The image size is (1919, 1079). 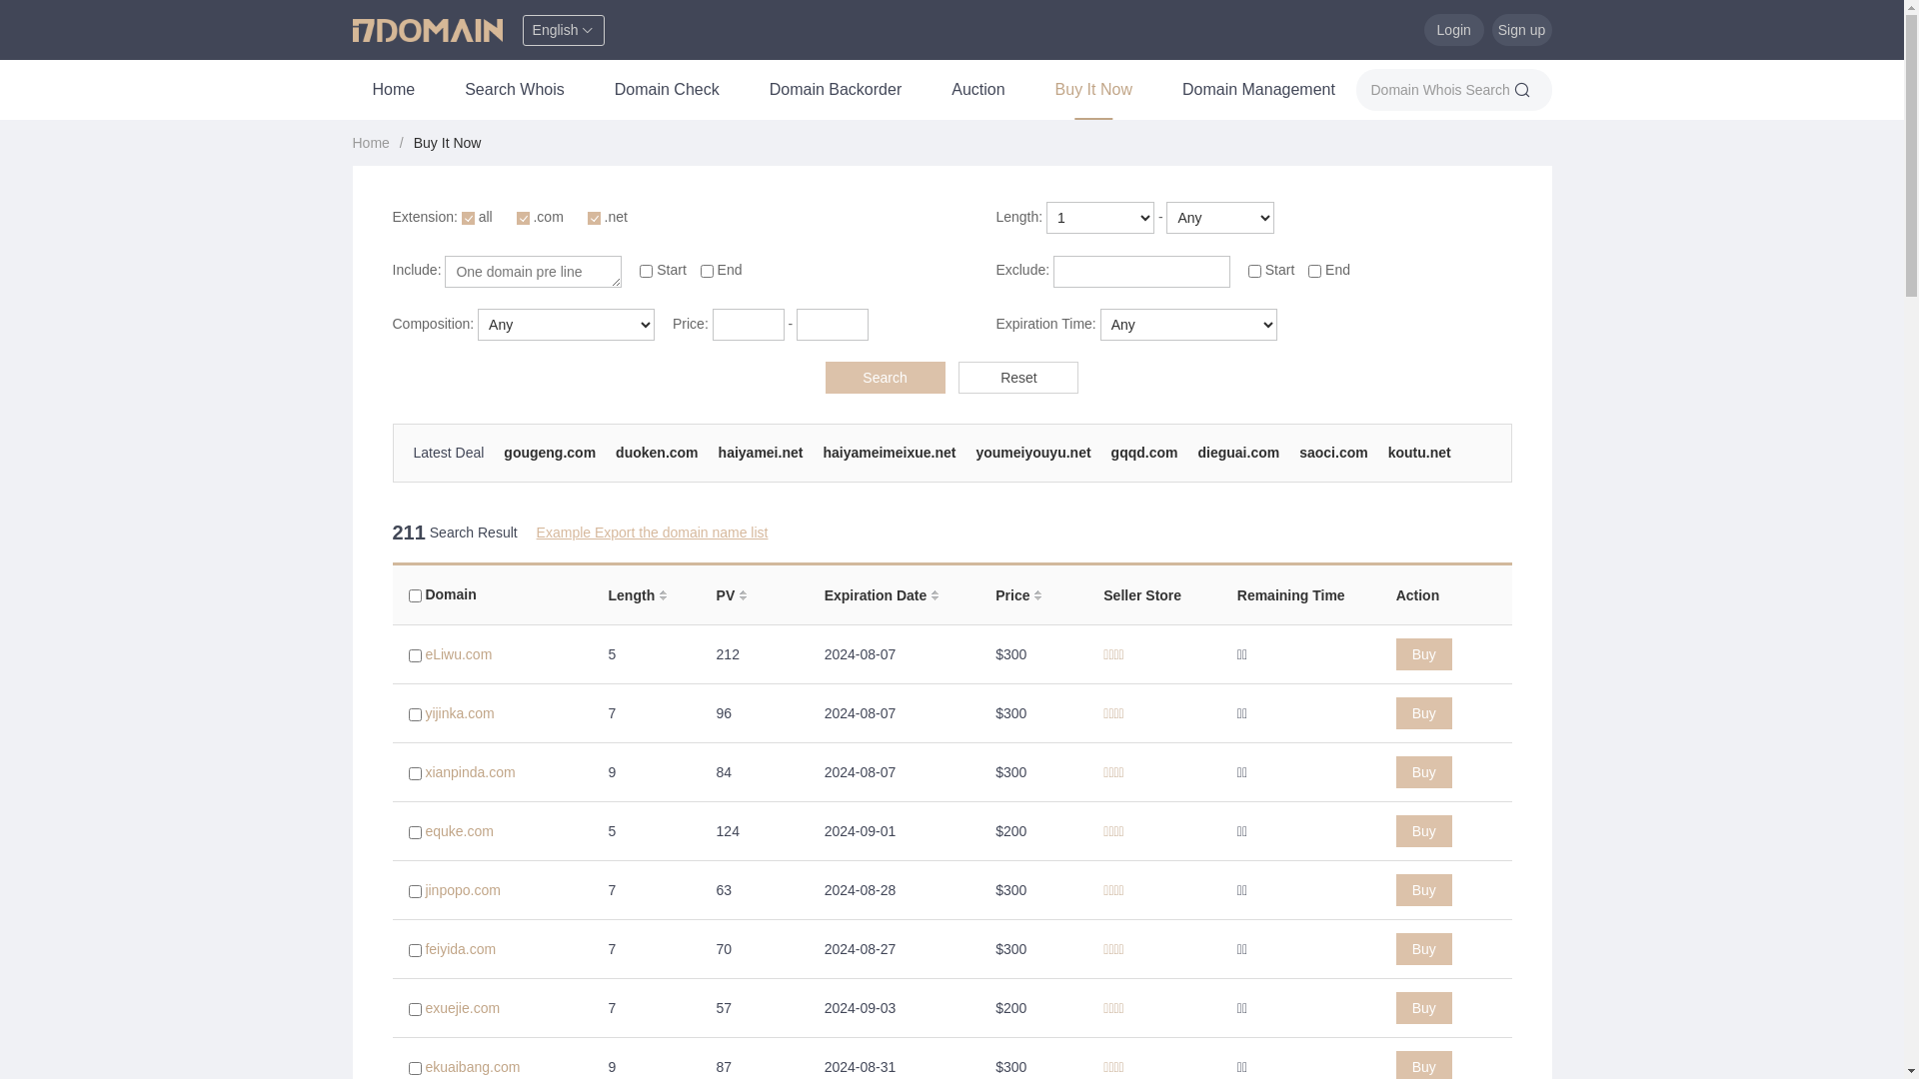 I want to click on 'Auction', so click(x=930, y=88).